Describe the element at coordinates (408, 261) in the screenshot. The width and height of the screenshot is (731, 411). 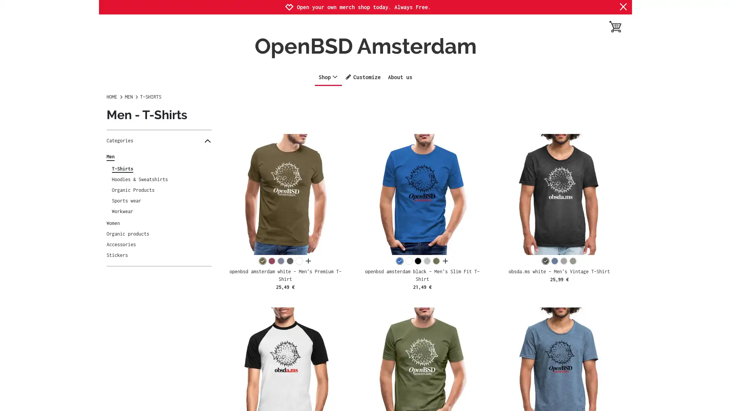
I see `white` at that location.